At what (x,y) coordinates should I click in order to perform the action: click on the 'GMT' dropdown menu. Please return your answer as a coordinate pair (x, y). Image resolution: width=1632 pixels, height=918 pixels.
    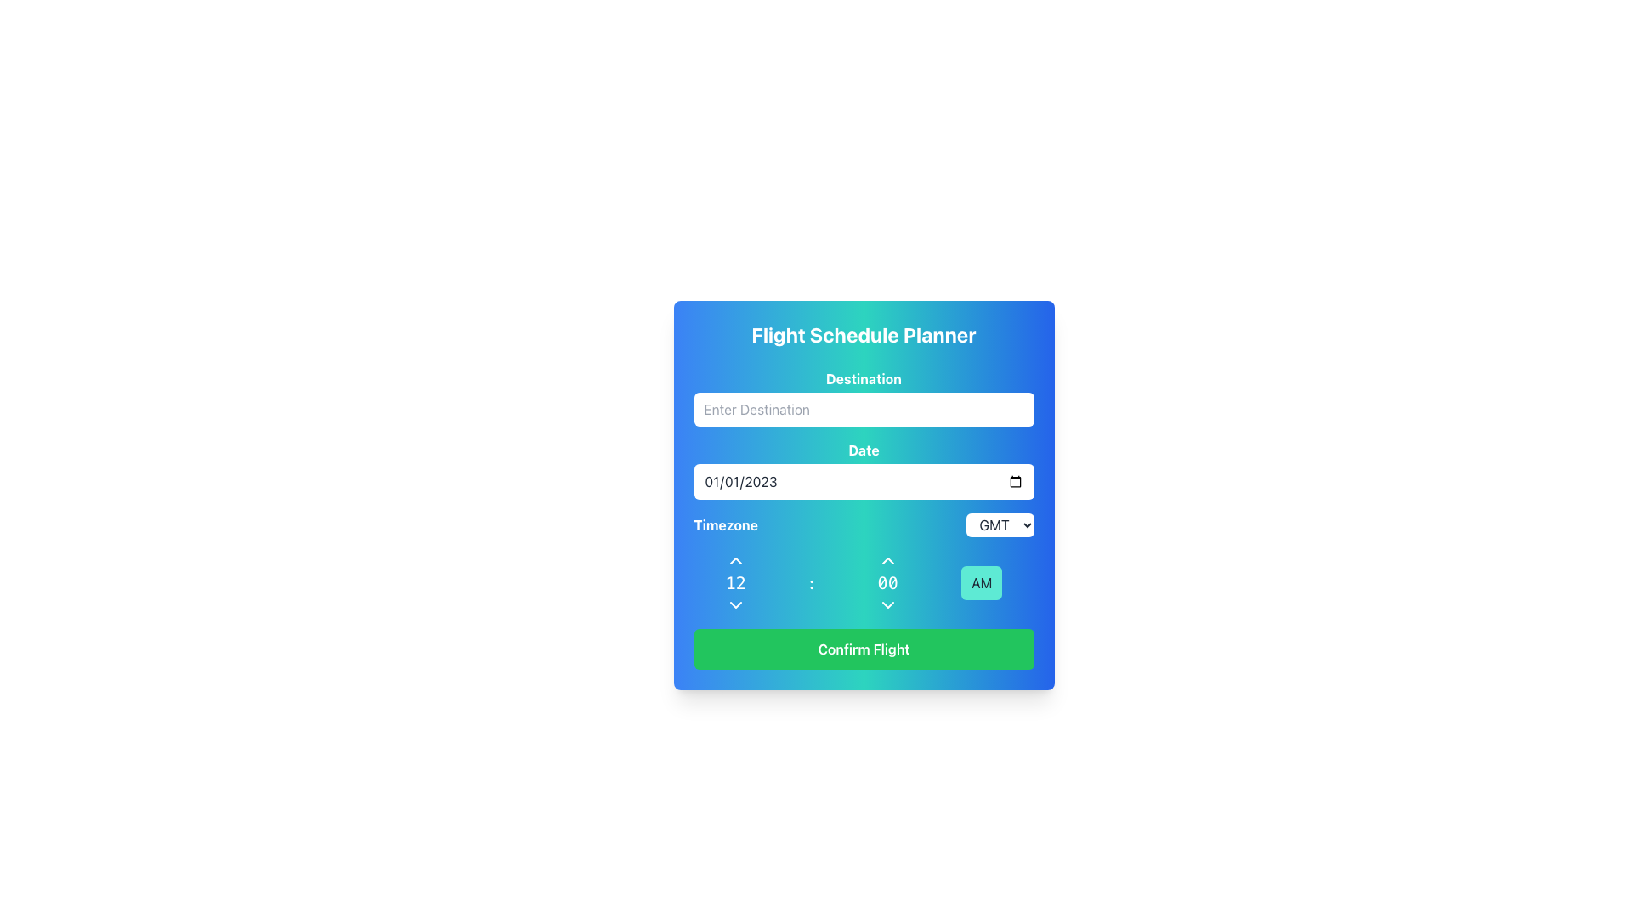
    Looking at the image, I should click on (1000, 524).